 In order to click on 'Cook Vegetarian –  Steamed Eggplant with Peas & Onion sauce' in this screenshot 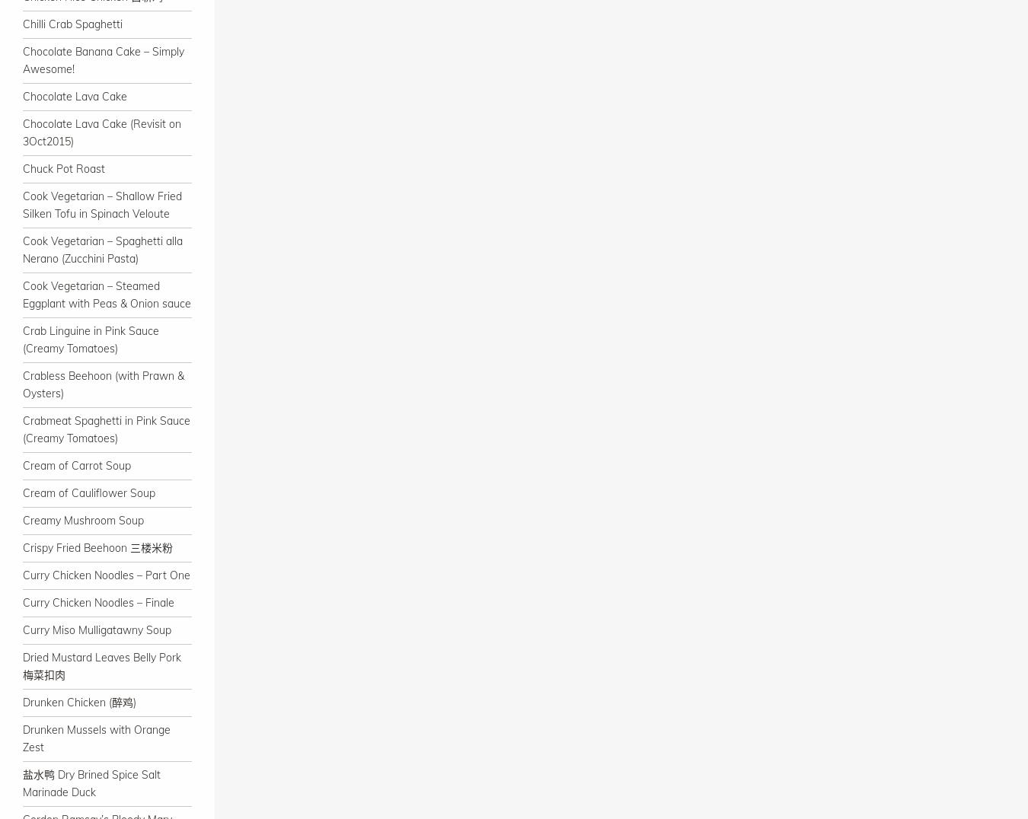, I will do `click(107, 294)`.